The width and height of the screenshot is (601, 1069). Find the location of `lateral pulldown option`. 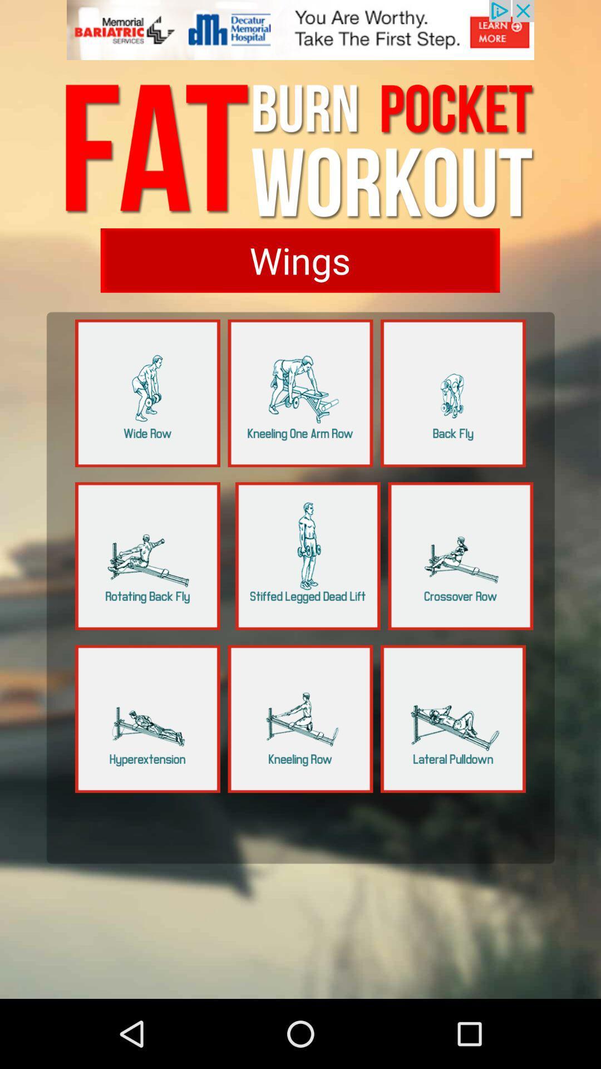

lateral pulldown option is located at coordinates (453, 719).